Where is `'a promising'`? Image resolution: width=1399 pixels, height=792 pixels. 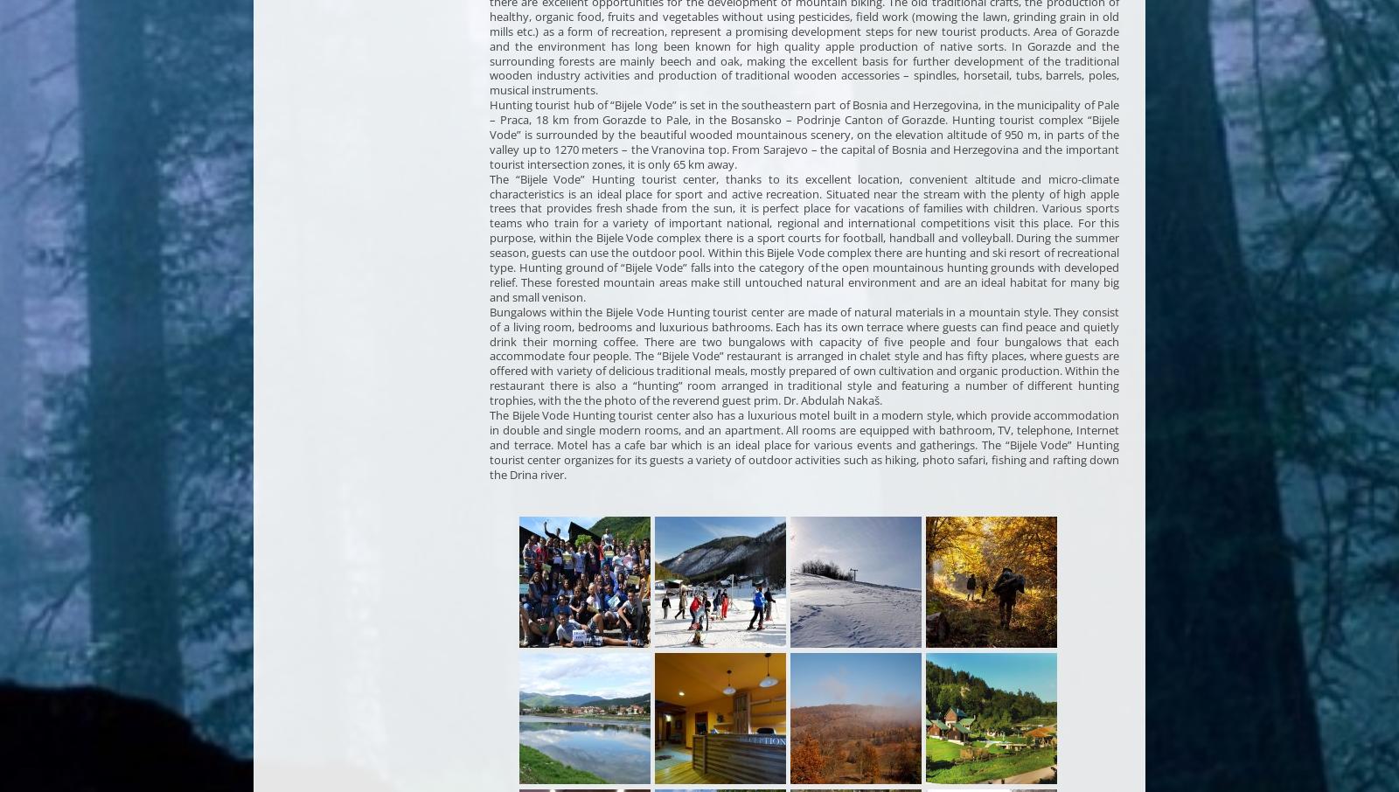
'a promising' is located at coordinates (723, 29).